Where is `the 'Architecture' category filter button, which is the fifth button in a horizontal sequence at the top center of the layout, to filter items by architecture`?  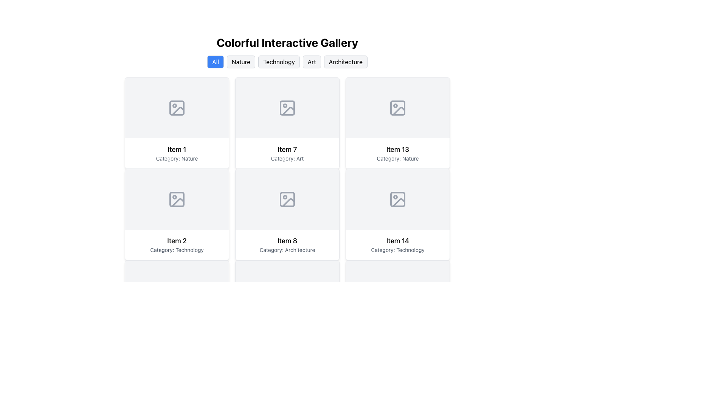
the 'Architecture' category filter button, which is the fifth button in a horizontal sequence at the top center of the layout, to filter items by architecture is located at coordinates (345, 62).